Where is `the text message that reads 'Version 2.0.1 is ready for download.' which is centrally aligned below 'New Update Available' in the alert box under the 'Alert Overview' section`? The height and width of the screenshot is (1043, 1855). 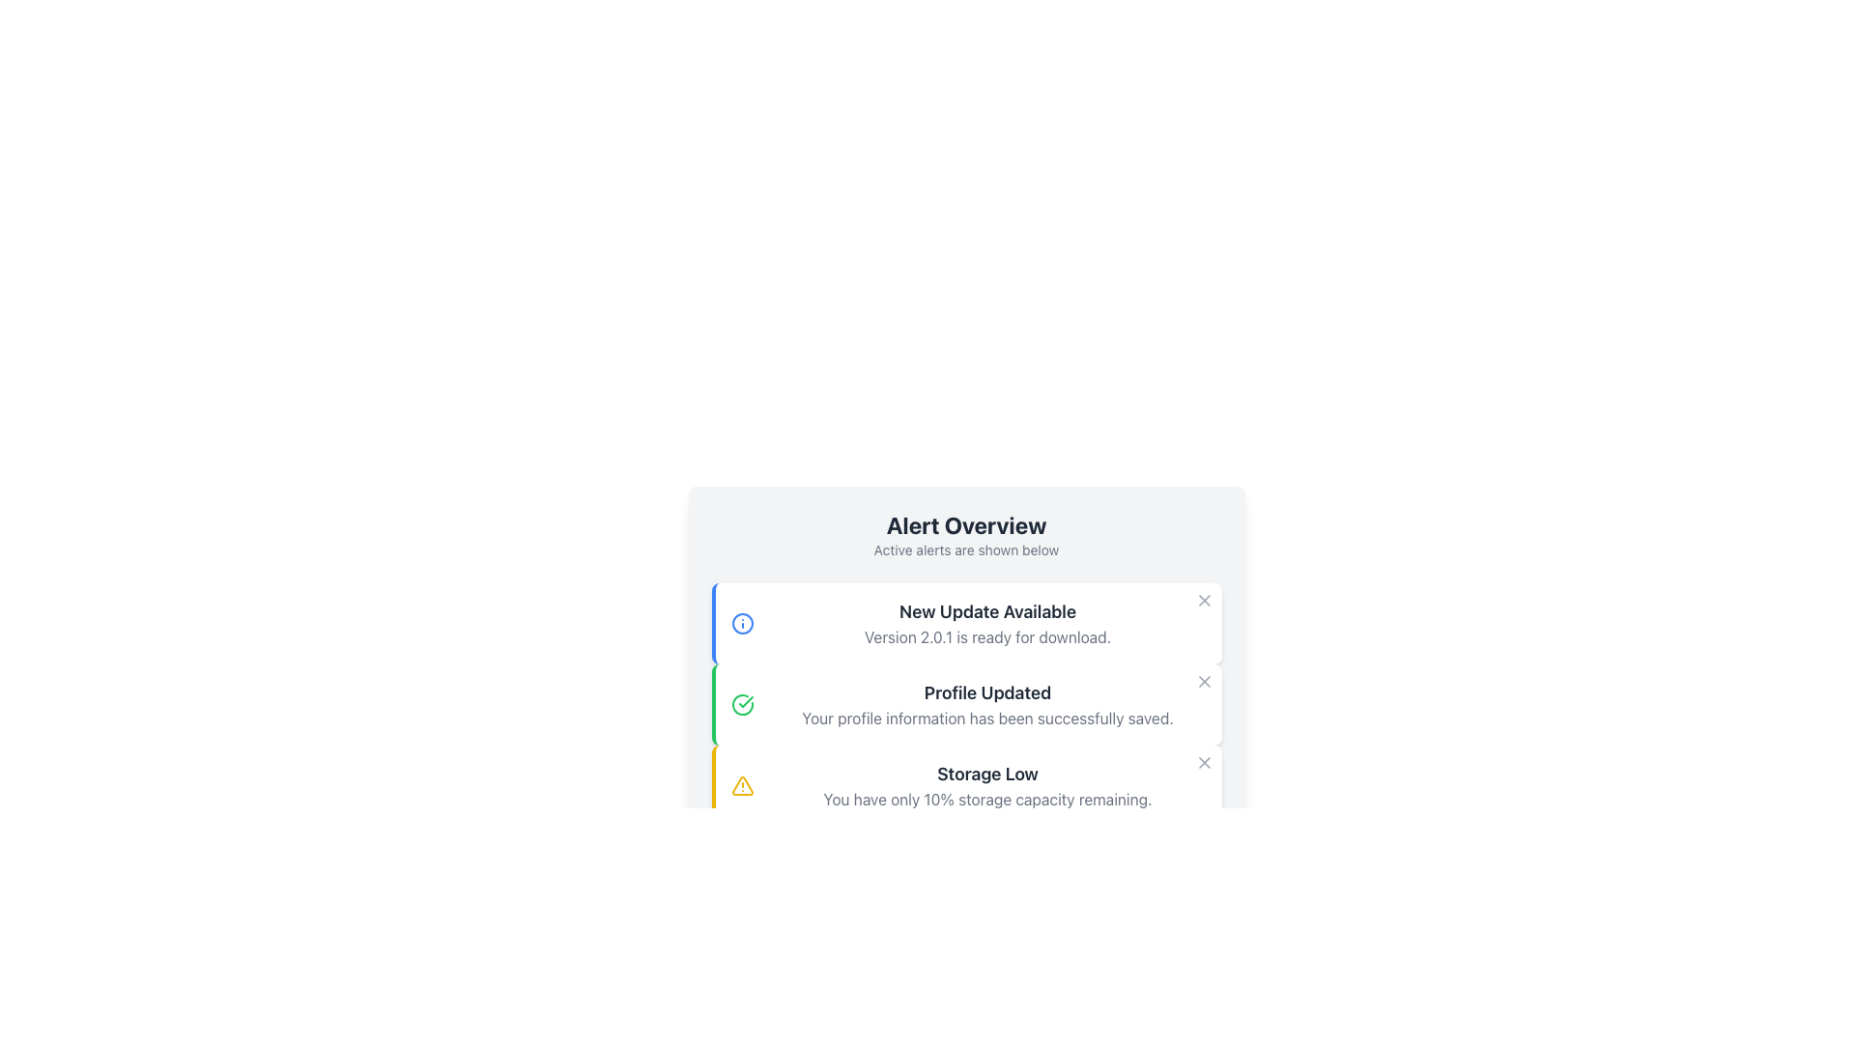 the text message that reads 'Version 2.0.1 is ready for download.' which is centrally aligned below 'New Update Available' in the alert box under the 'Alert Overview' section is located at coordinates (987, 636).